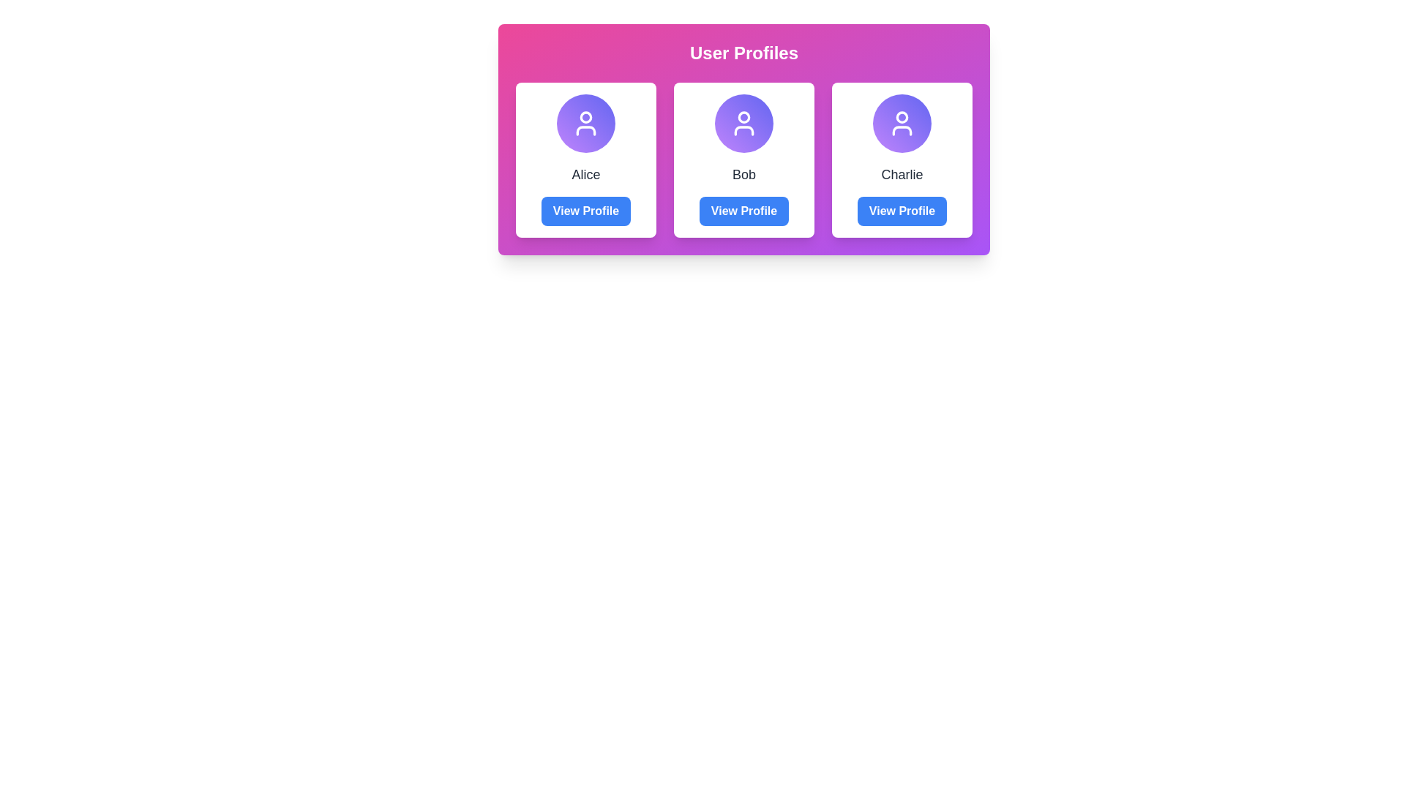 The width and height of the screenshot is (1405, 790). I want to click on the central user profile icon representing 'Bob', which is a circular icon with a simplified human figure in white on a purple and indigo gradient background, so click(744, 123).